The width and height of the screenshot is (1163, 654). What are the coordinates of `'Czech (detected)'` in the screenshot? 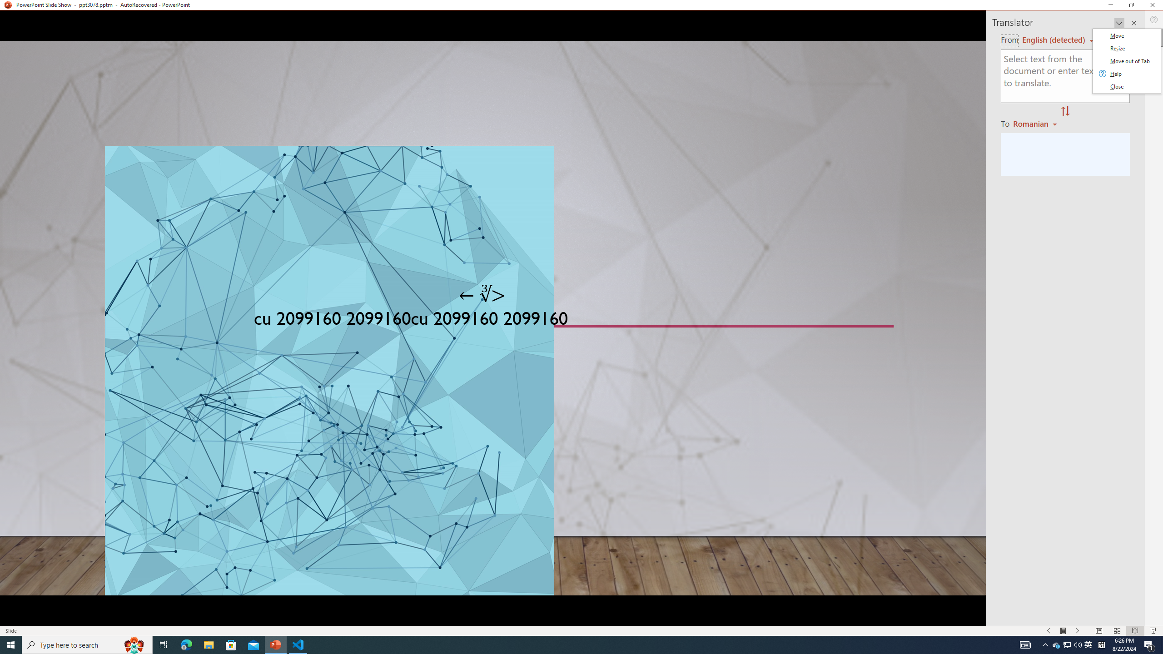 It's located at (1054, 40).